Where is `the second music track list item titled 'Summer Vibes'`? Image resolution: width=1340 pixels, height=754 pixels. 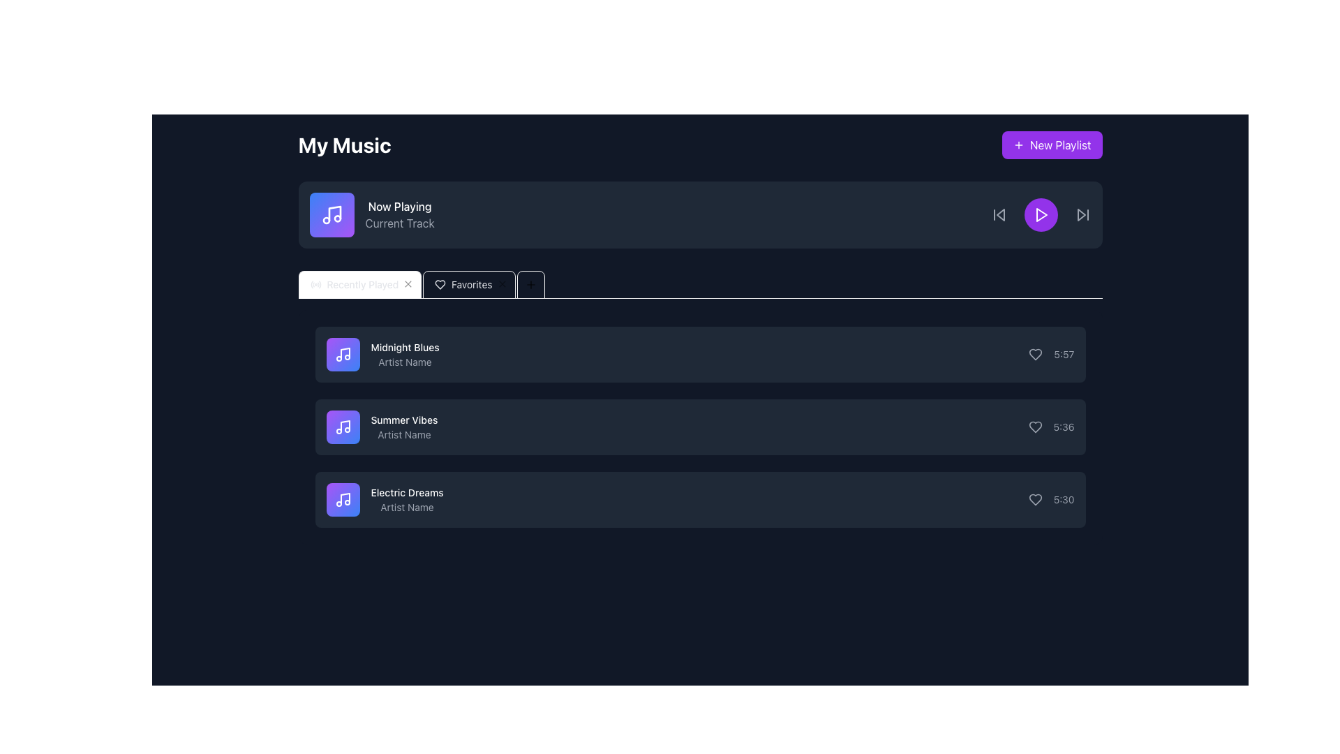
the second music track list item titled 'Summer Vibes' is located at coordinates (700, 427).